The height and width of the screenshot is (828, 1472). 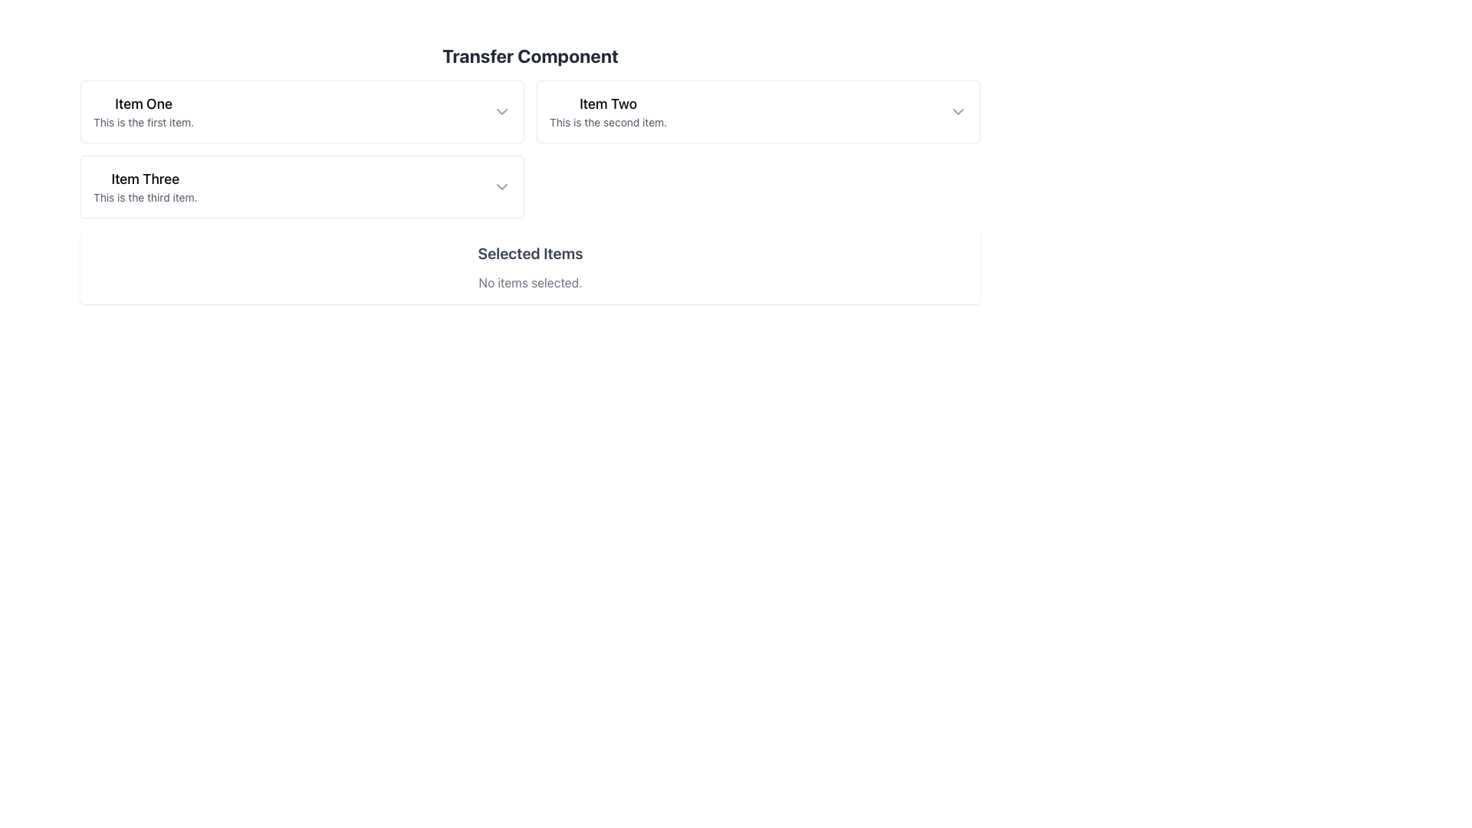 What do you see at coordinates (530, 253) in the screenshot?
I see `the Text Label that serves as a header for the section, located within a white, rounded rectangle directly below the main dropdown list area` at bounding box center [530, 253].